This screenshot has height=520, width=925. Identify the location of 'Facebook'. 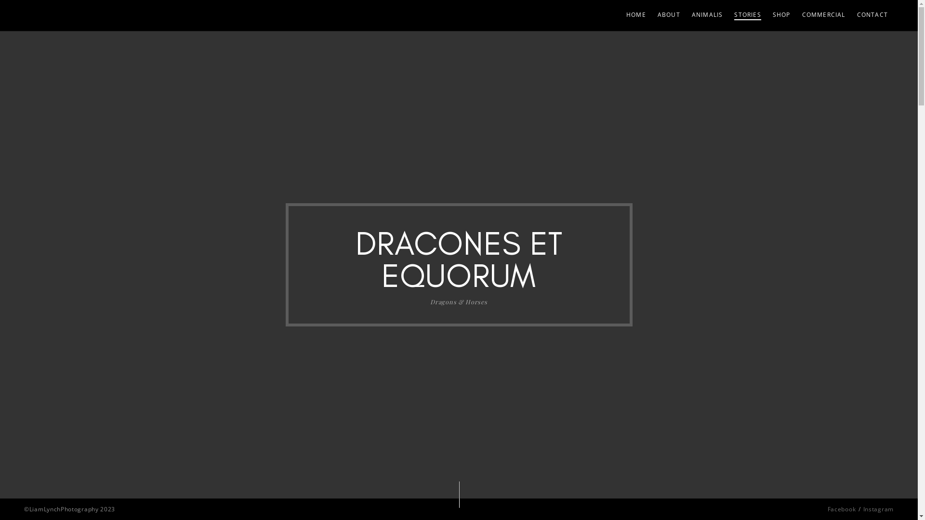
(841, 508).